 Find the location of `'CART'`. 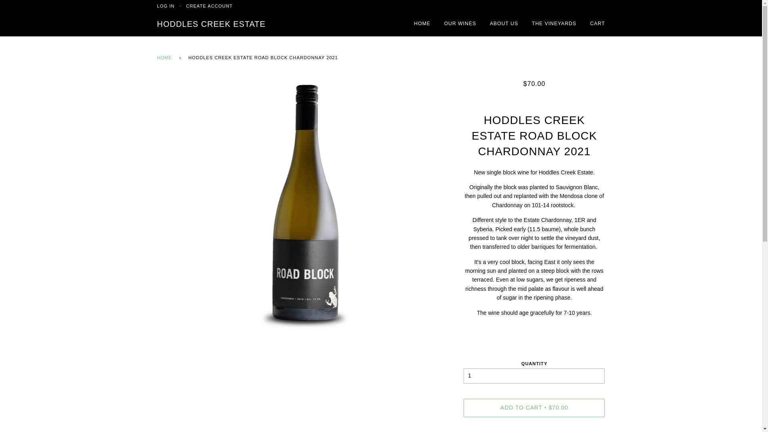

'CART' is located at coordinates (597, 24).